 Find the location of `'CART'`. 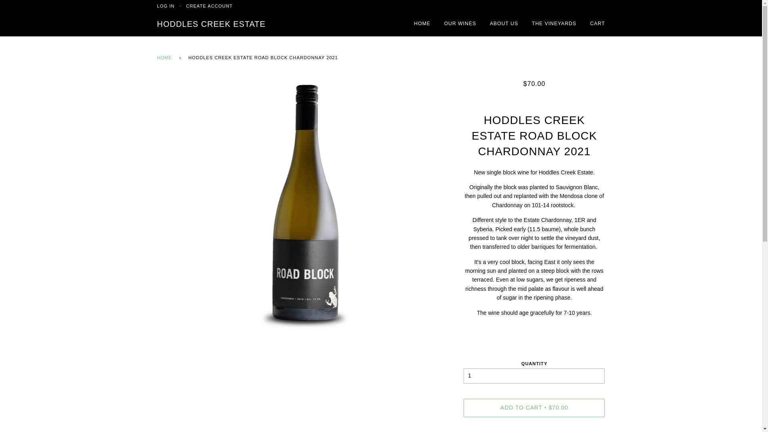

'CART' is located at coordinates (597, 24).